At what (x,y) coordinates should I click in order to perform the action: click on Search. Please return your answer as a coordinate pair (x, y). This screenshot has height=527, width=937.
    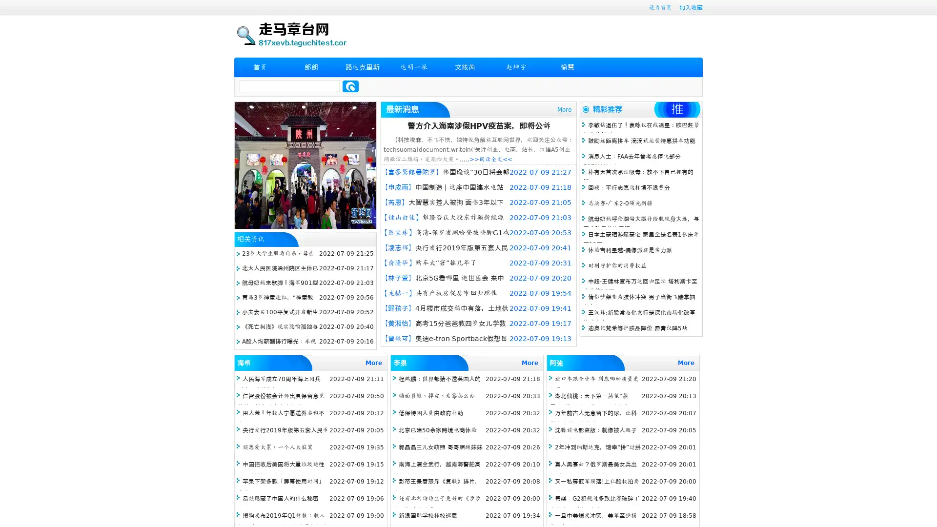
    Looking at the image, I should click on (350, 86).